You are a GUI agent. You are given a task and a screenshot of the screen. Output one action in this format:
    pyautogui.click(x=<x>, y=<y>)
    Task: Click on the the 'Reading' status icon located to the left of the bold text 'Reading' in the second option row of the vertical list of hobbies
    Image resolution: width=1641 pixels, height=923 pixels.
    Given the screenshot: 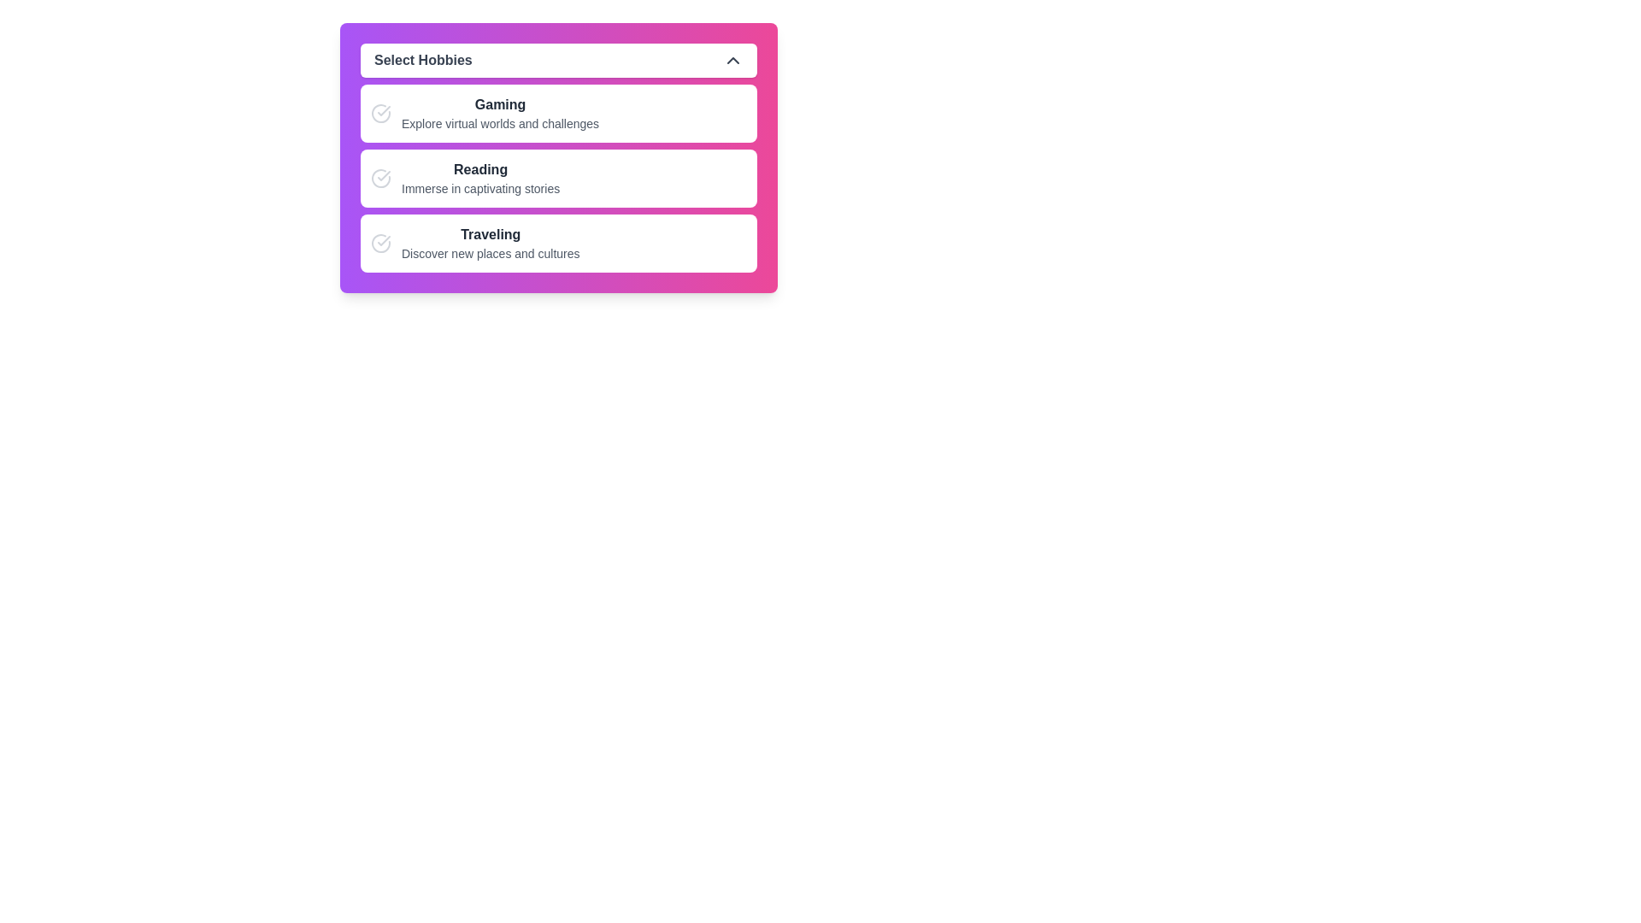 What is the action you would take?
    pyautogui.click(x=380, y=178)
    